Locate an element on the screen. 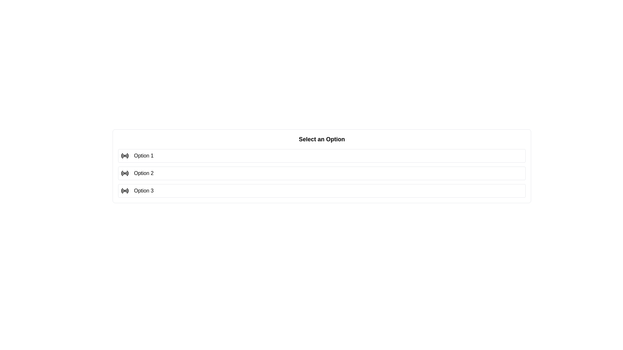  the selectable list option labeled 'Option 3' is located at coordinates (143, 191).